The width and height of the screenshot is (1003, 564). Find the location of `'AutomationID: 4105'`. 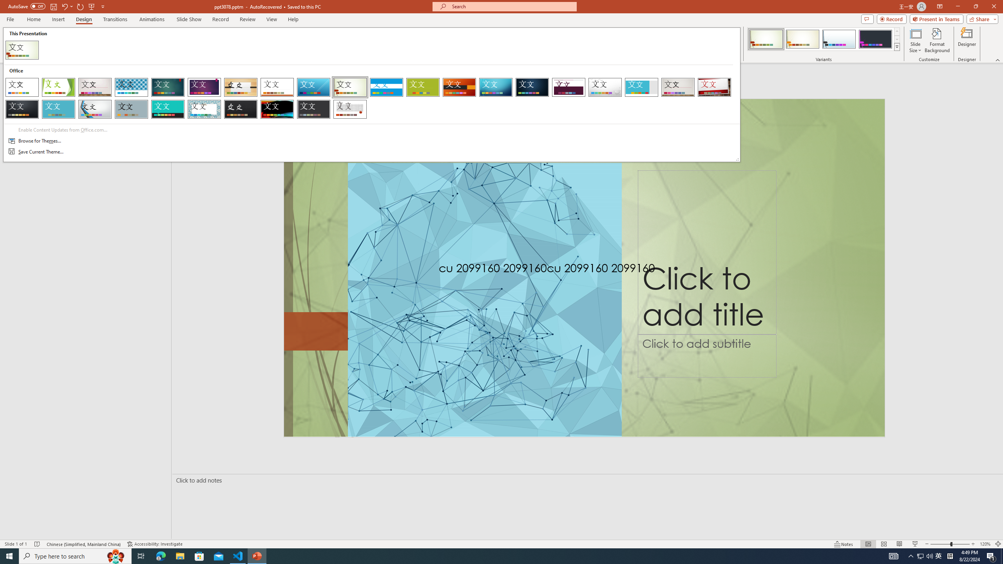

'AutomationID: 4105' is located at coordinates (893, 555).